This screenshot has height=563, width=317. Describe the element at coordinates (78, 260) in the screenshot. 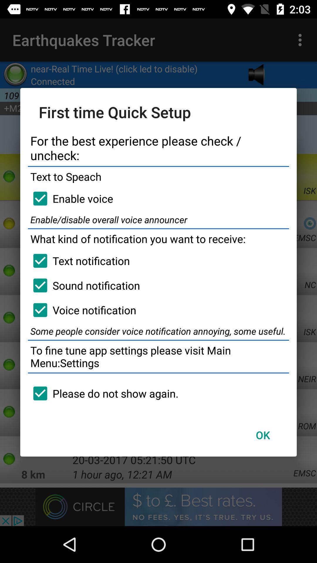

I see `text notification item` at that location.